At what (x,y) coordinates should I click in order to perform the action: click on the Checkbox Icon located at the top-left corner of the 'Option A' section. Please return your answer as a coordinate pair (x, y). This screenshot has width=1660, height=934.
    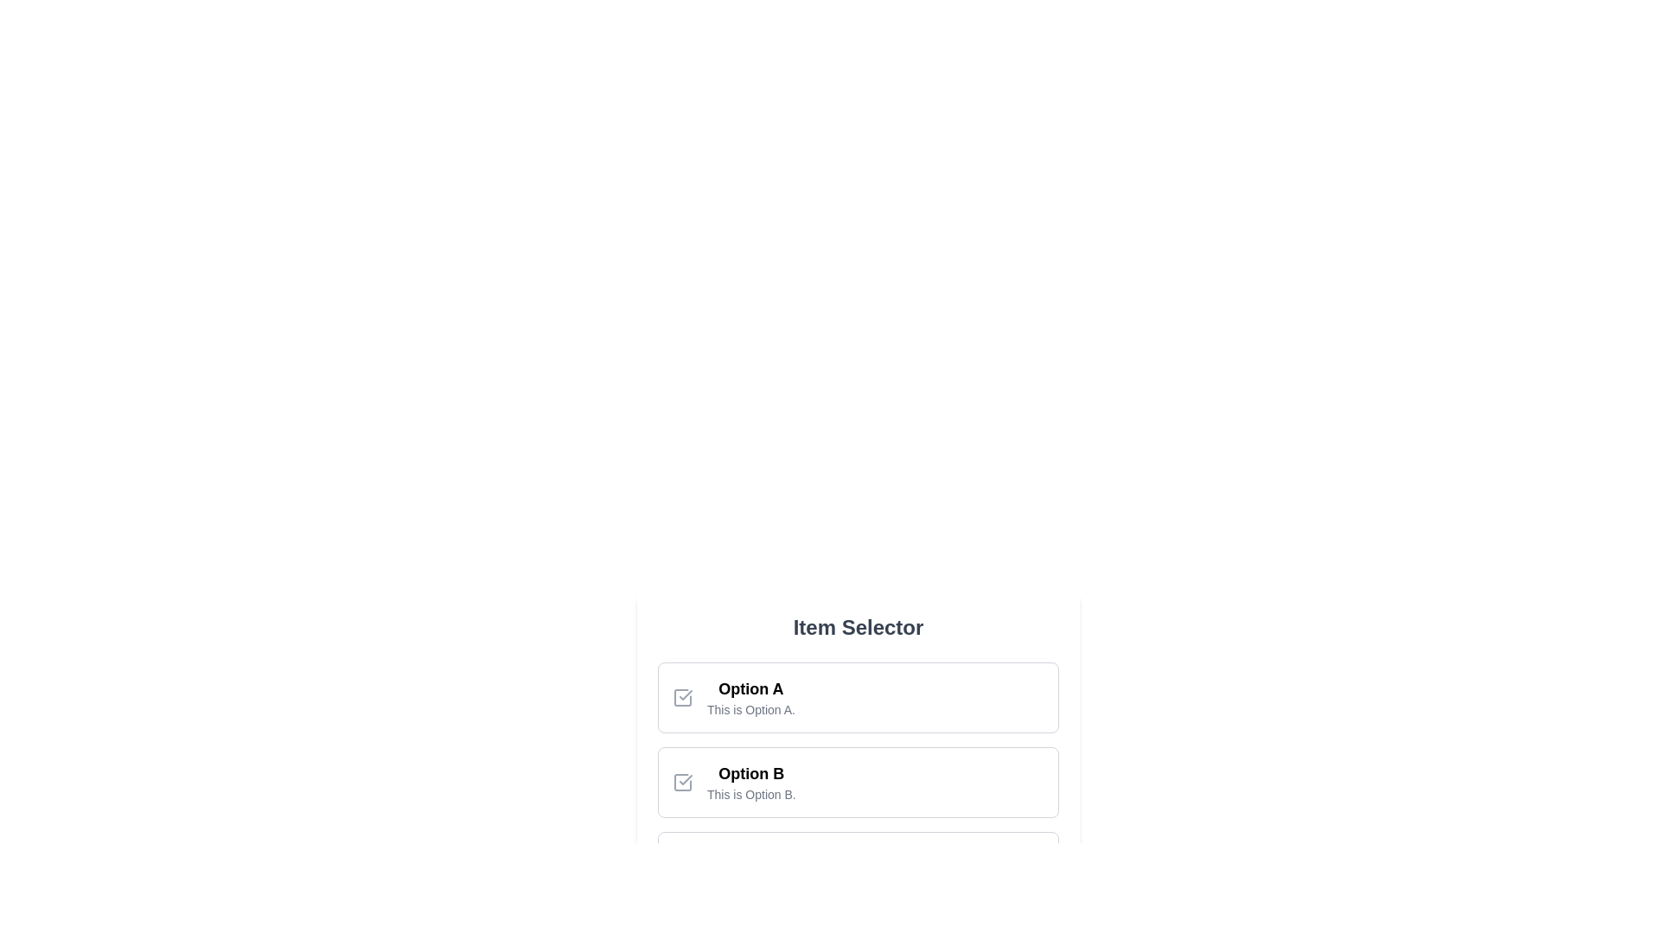
    Looking at the image, I should click on (682, 696).